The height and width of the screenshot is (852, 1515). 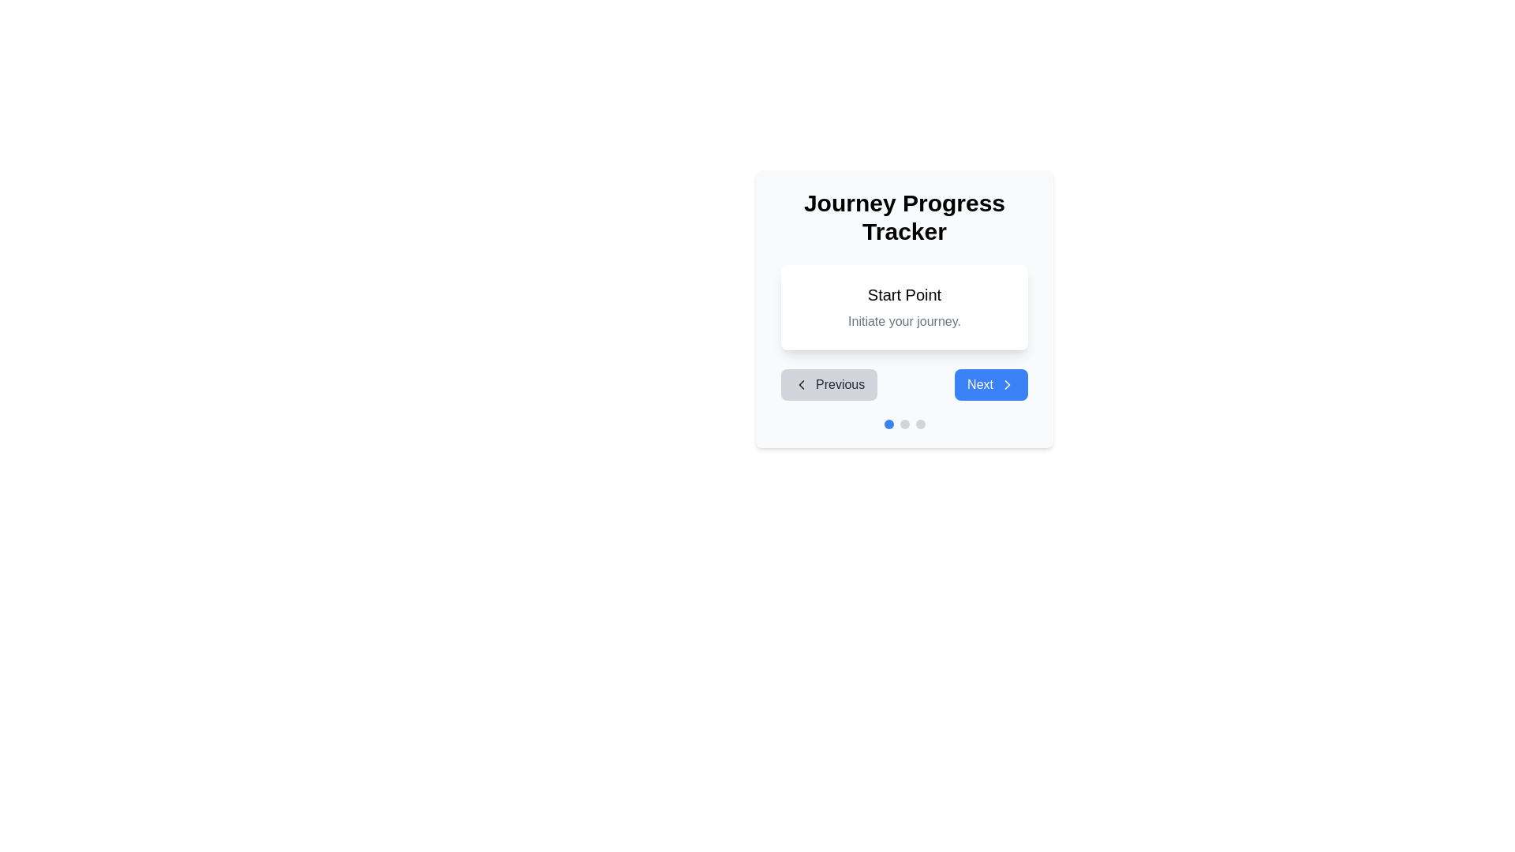 I want to click on the third circular progress indicator in the group of three, which visually indicates the current step in the sequence, so click(x=920, y=423).